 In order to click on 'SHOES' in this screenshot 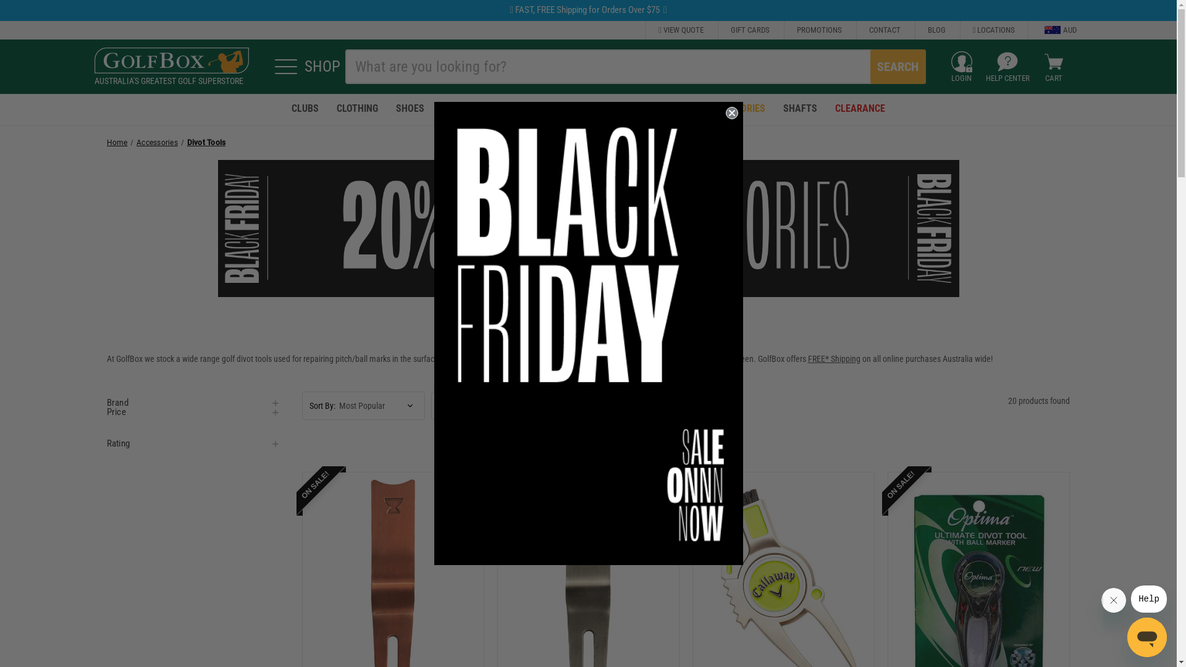, I will do `click(410, 109)`.